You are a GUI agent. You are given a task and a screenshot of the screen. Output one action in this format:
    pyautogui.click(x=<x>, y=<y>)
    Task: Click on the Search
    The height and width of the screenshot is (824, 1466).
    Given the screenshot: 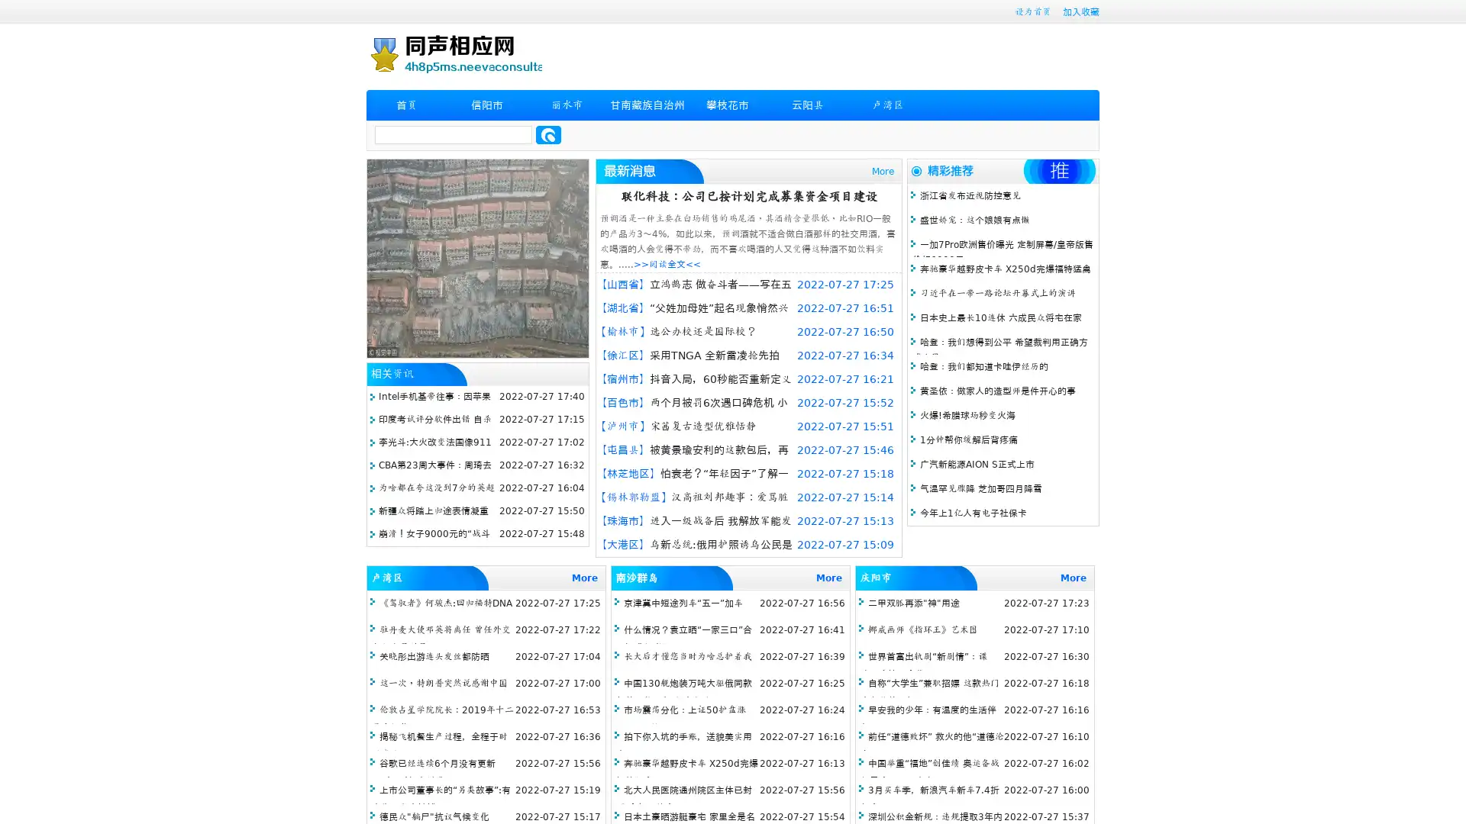 What is the action you would take?
    pyautogui.click(x=548, y=134)
    